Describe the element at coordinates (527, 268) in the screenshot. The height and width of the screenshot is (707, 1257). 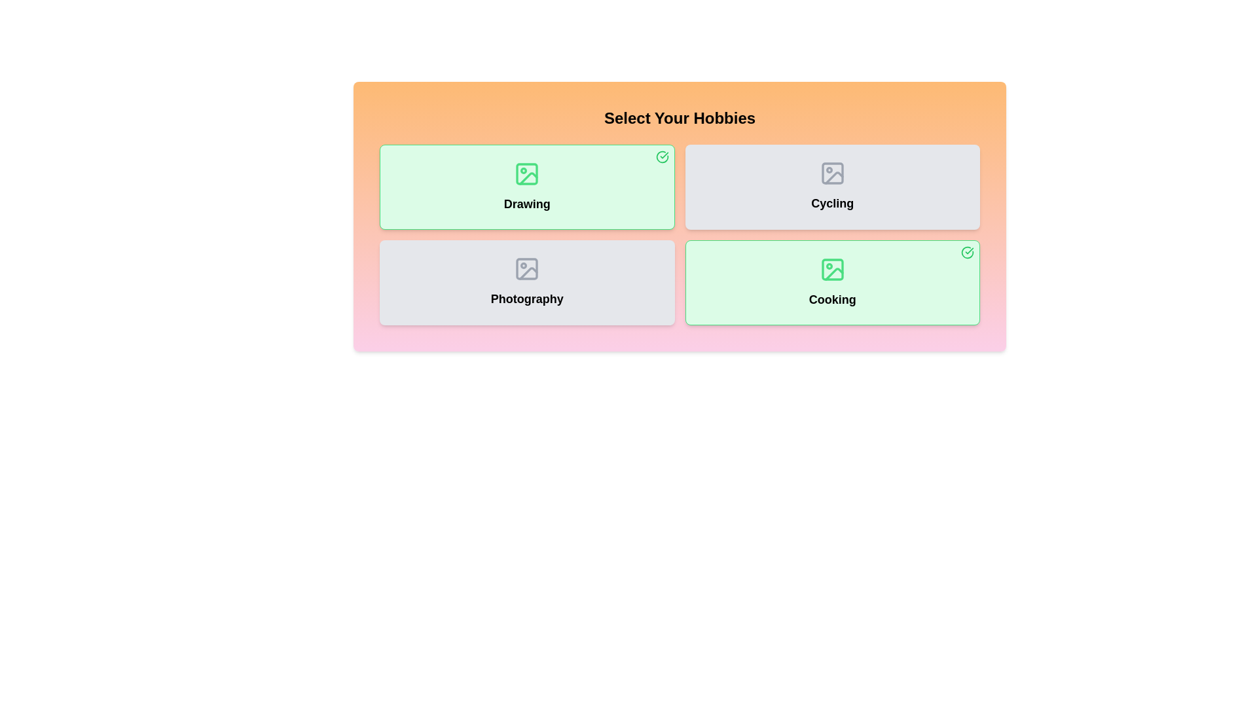
I see `the image icon of the hobby card corresponding to Photography` at that location.